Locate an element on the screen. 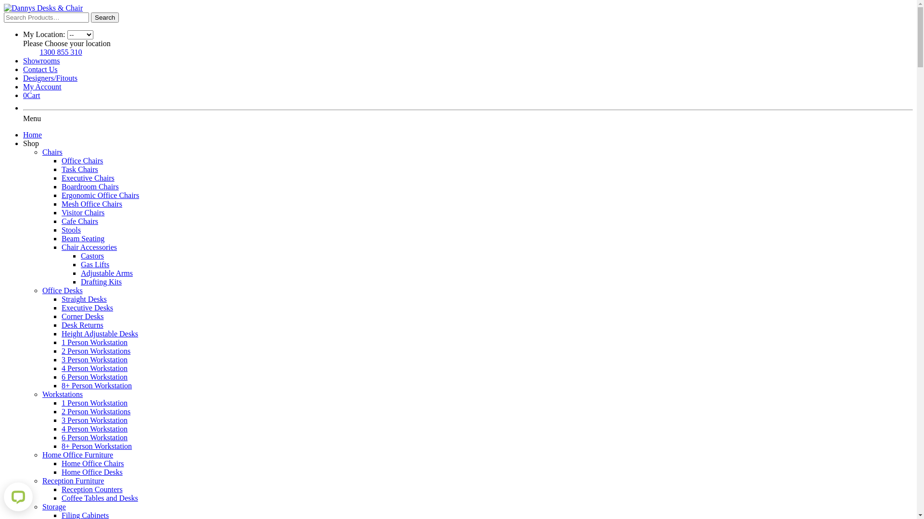 This screenshot has width=924, height=519. '0Cart' is located at coordinates (23, 95).